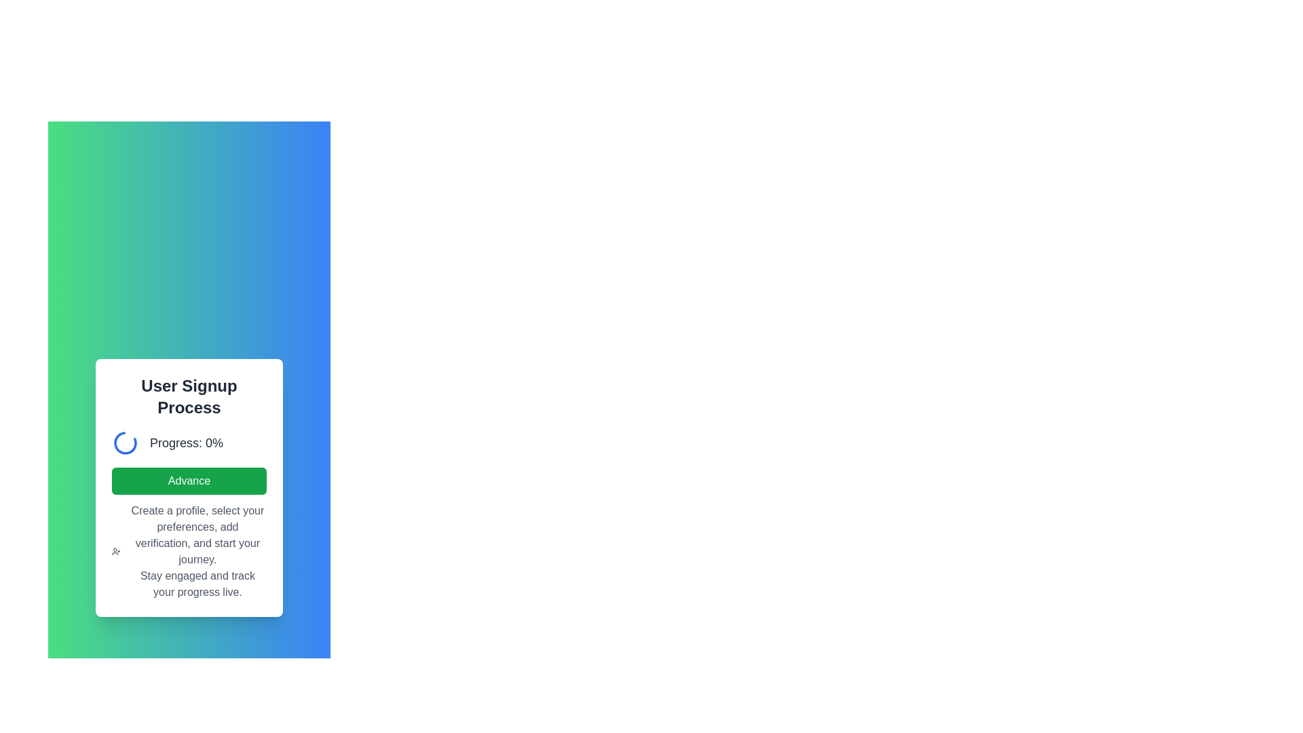  What do you see at coordinates (126, 443) in the screenshot?
I see `the animated icon located at the top-left corner of the white card displaying 'User Signup Process'` at bounding box center [126, 443].